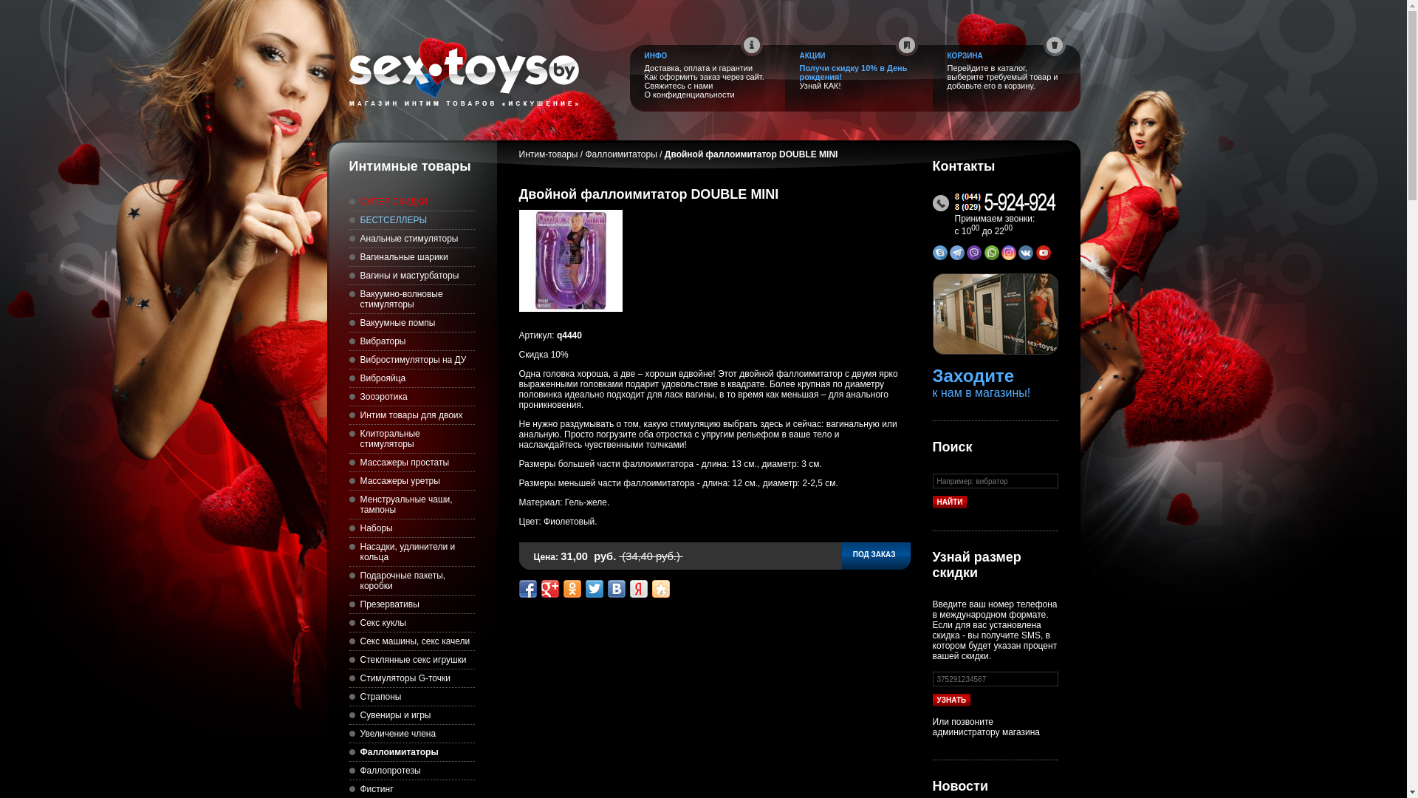 This screenshot has width=1418, height=798. What do you see at coordinates (616, 588) in the screenshot?
I see `'Share on VK'` at bounding box center [616, 588].